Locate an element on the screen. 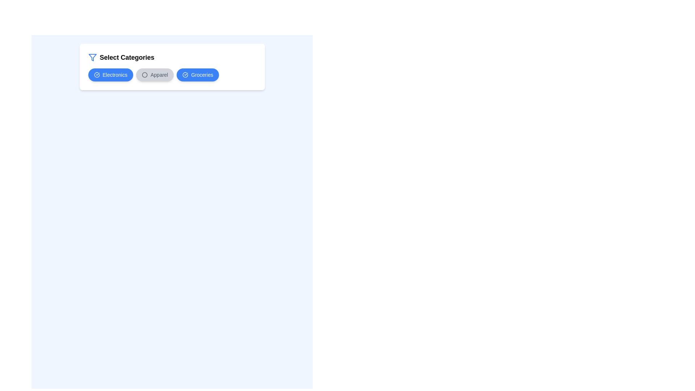  the category Apparel is located at coordinates (155, 75).